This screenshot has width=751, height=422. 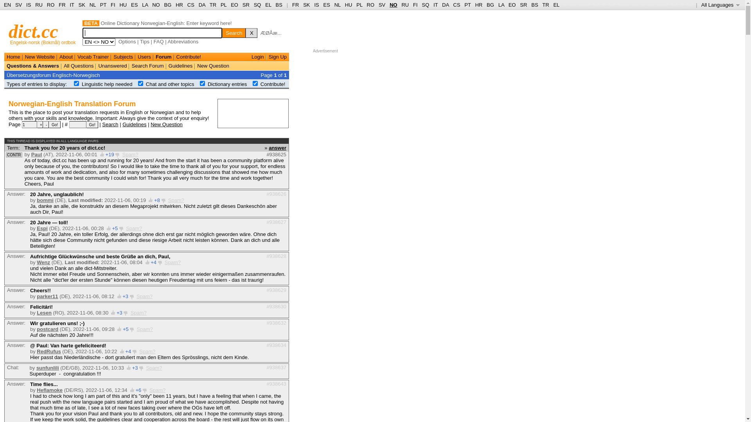 What do you see at coordinates (163, 56) in the screenshot?
I see `'Forum'` at bounding box center [163, 56].